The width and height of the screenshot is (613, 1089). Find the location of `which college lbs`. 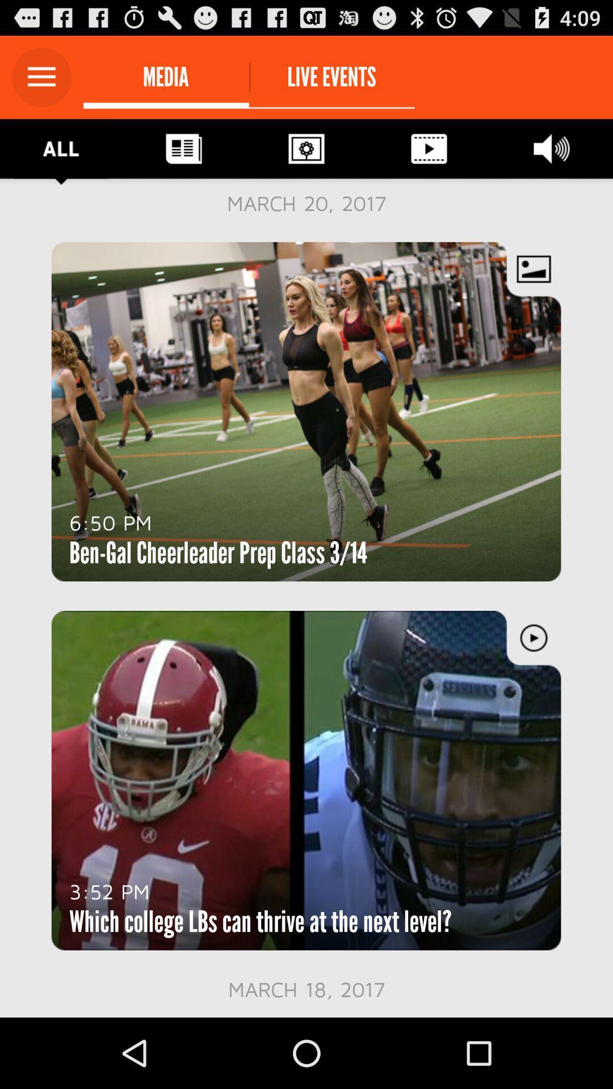

which college lbs is located at coordinates (261, 922).